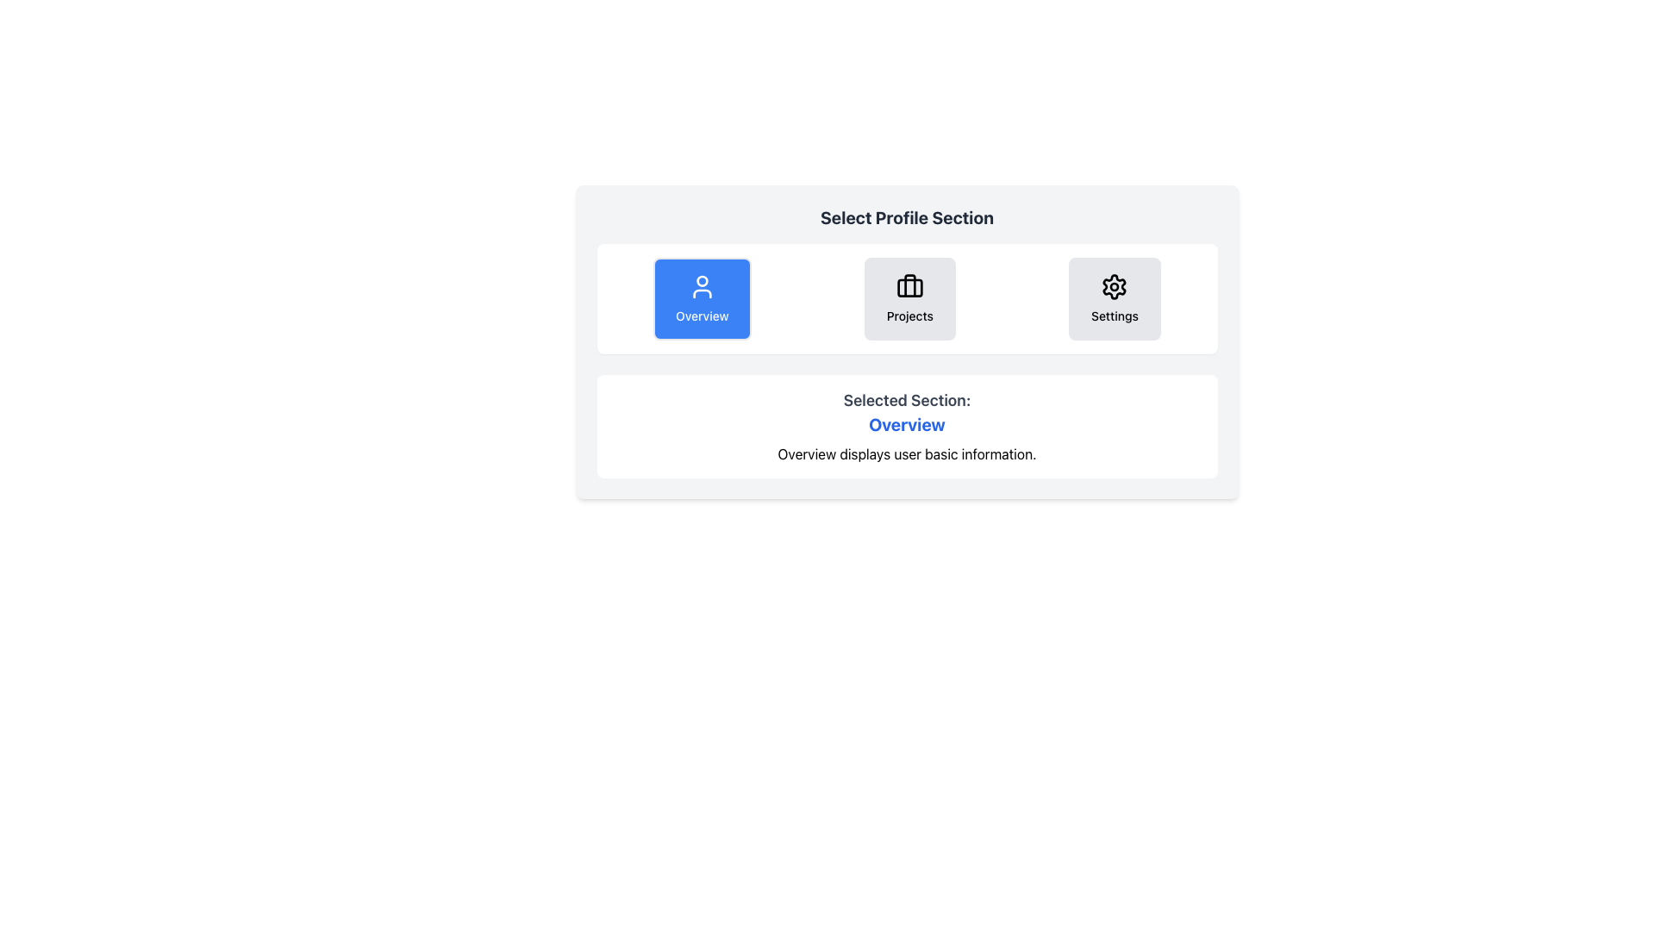 Image resolution: width=1655 pixels, height=931 pixels. I want to click on the blue rounded rectangular button labeled 'Overview' that contains the user icon, so click(702, 285).